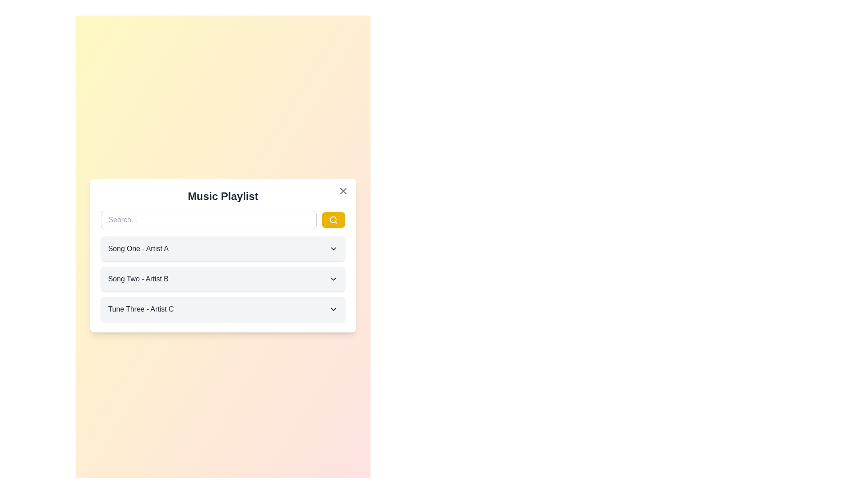 The image size is (854, 480). Describe the element at coordinates (223, 279) in the screenshot. I see `the List item representing 'Song Two - Artist B' in the 'Music Playlist'` at that location.